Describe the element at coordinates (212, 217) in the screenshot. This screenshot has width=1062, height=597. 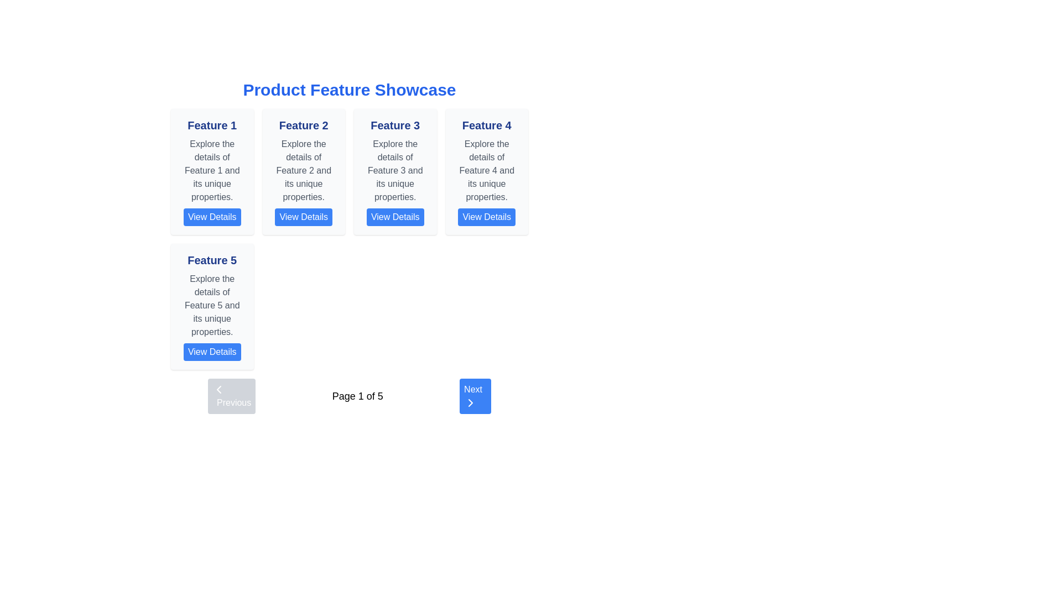
I see `the button located at the bottom of the 'Feature 1' card` at that location.